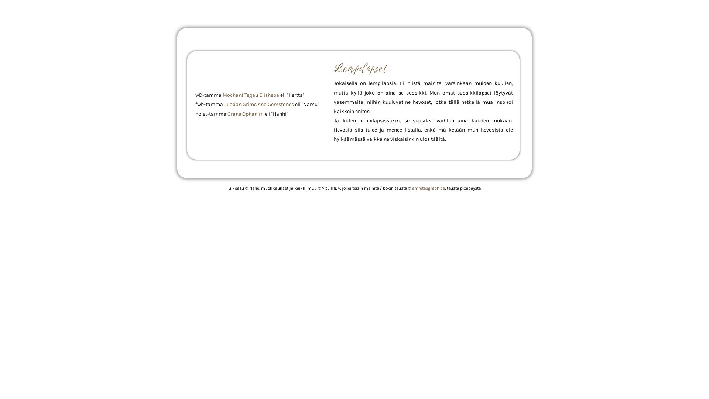  What do you see at coordinates (251, 95) in the screenshot?
I see `'Mochant Tegau Elisheba'` at bounding box center [251, 95].